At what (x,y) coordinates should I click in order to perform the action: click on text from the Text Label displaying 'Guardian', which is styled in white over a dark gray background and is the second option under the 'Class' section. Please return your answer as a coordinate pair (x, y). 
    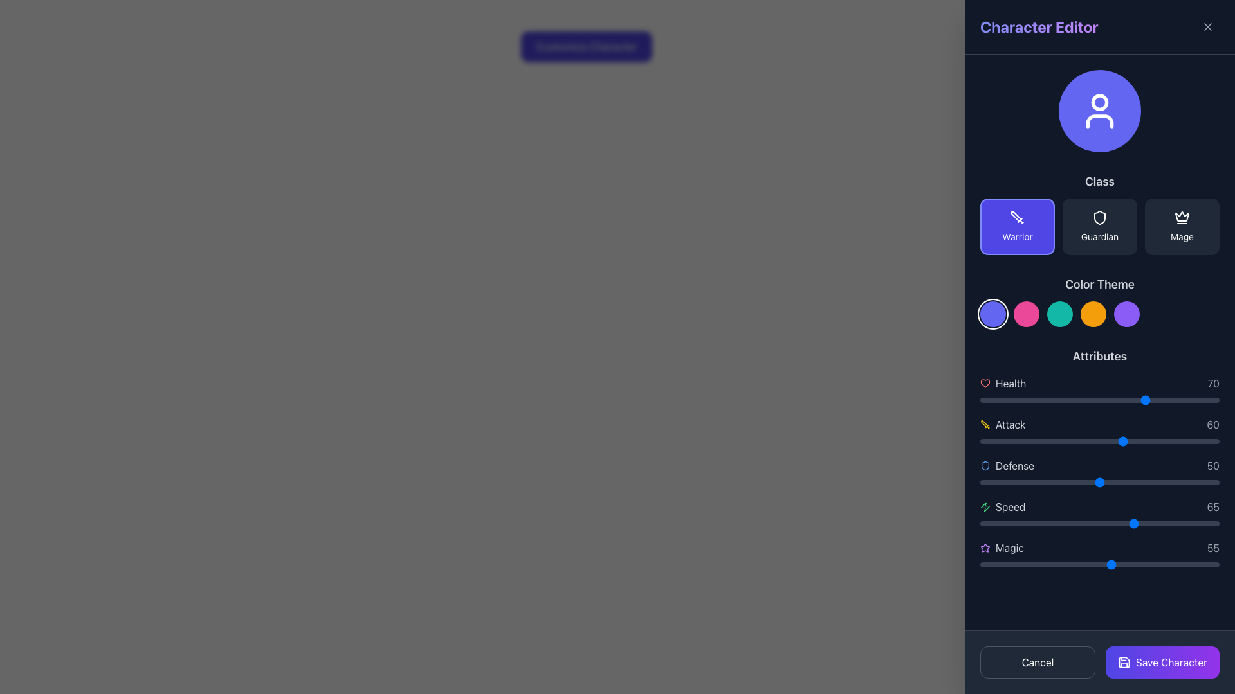
    Looking at the image, I should click on (1099, 237).